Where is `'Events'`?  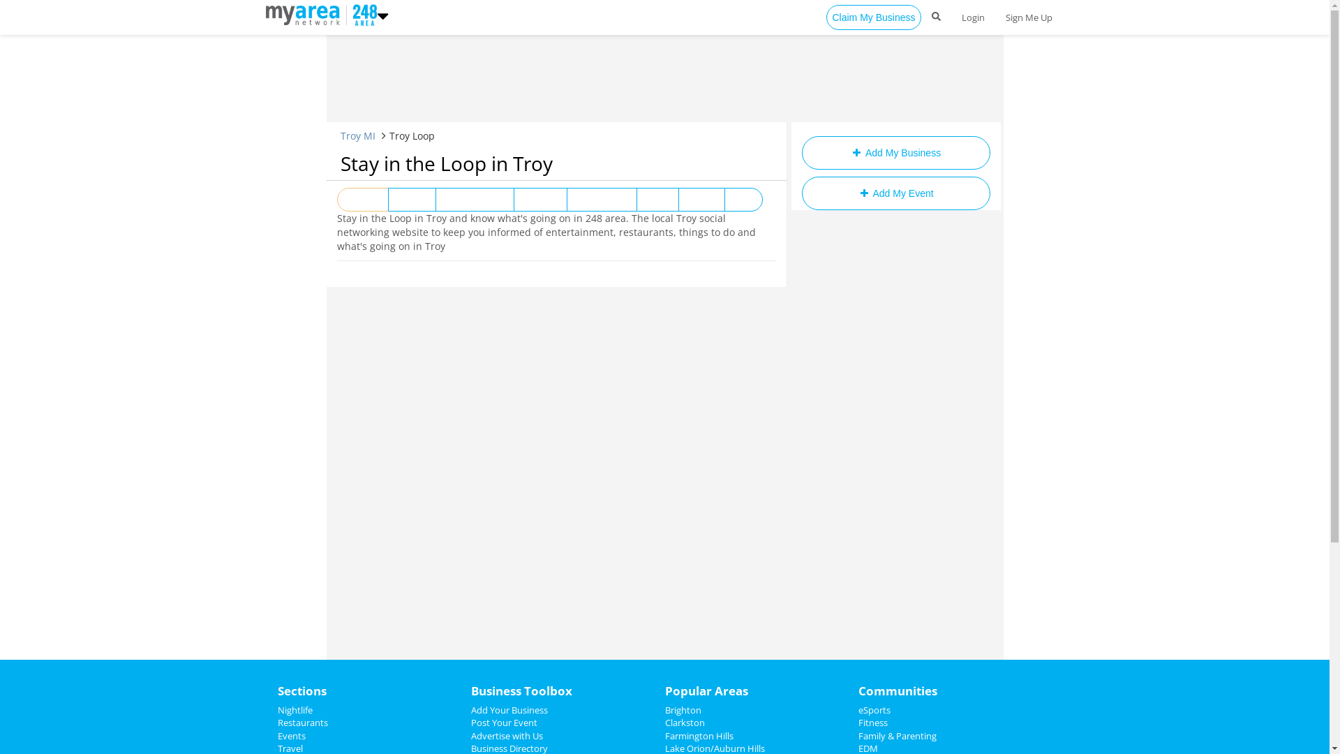 'Events' is located at coordinates (278, 734).